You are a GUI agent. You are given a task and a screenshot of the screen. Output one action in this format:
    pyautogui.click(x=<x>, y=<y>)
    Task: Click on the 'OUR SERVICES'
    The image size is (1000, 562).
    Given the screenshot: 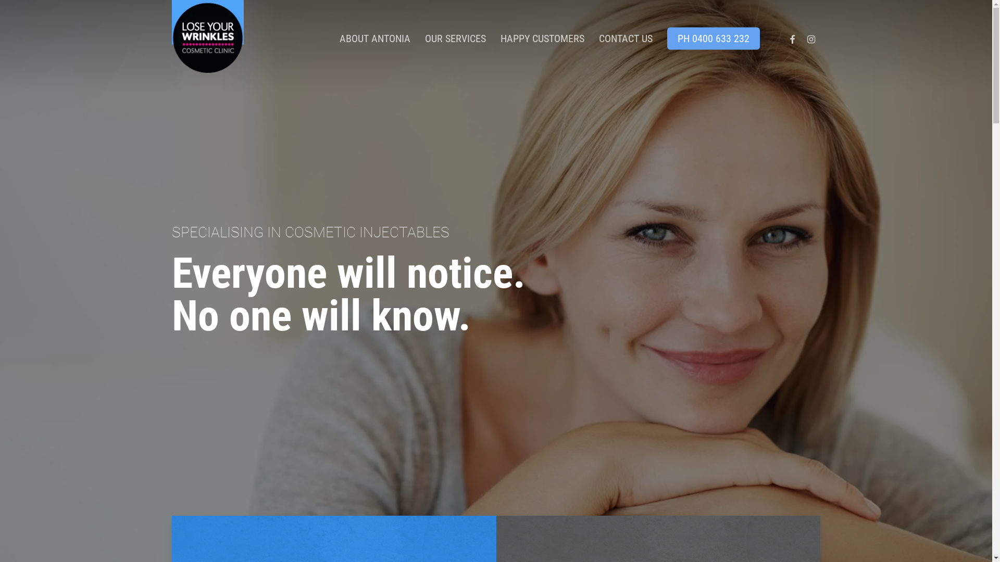 What is the action you would take?
    pyautogui.click(x=455, y=37)
    